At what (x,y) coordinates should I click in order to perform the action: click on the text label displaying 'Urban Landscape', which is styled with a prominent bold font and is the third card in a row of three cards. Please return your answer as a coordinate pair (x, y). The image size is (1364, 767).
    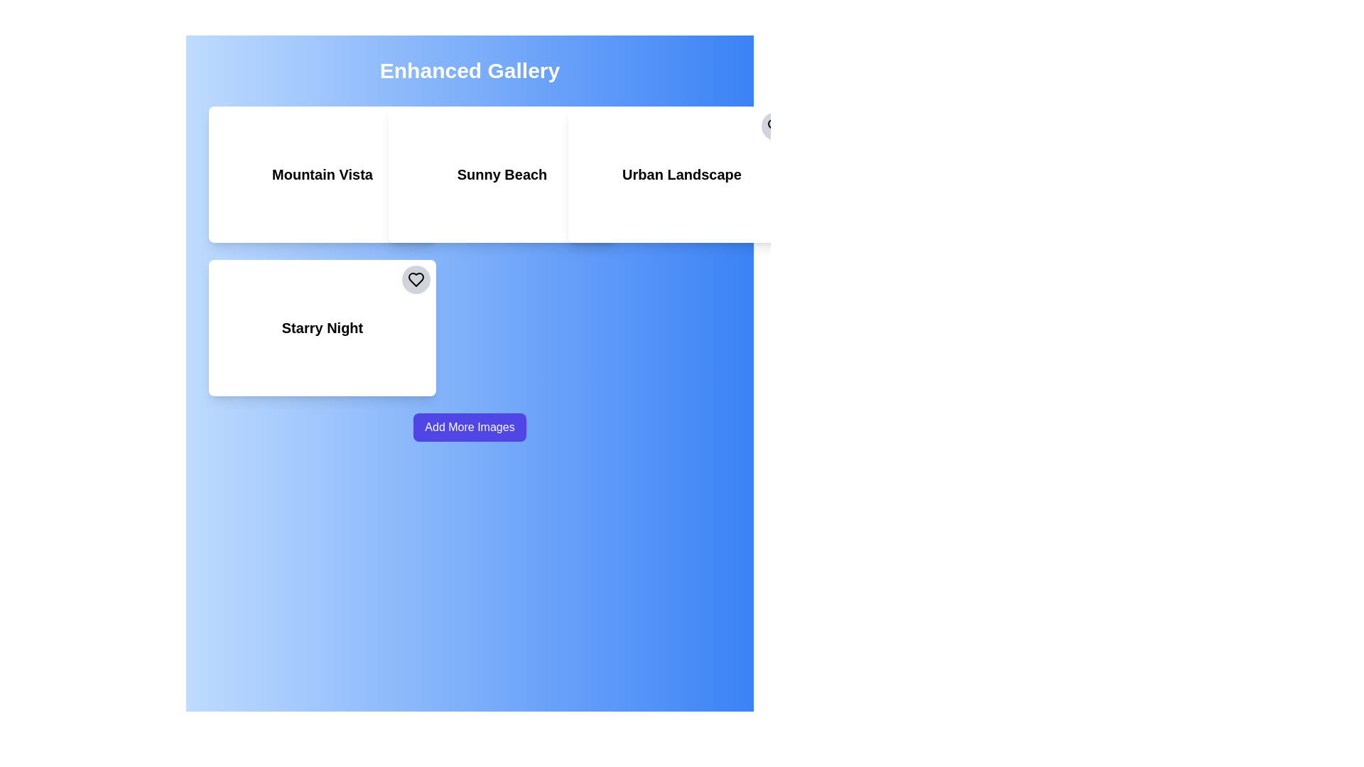
    Looking at the image, I should click on (682, 174).